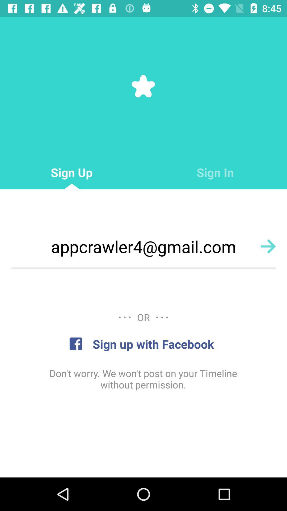 This screenshot has width=287, height=511. I want to click on the icon below the sign up, so click(143, 246).